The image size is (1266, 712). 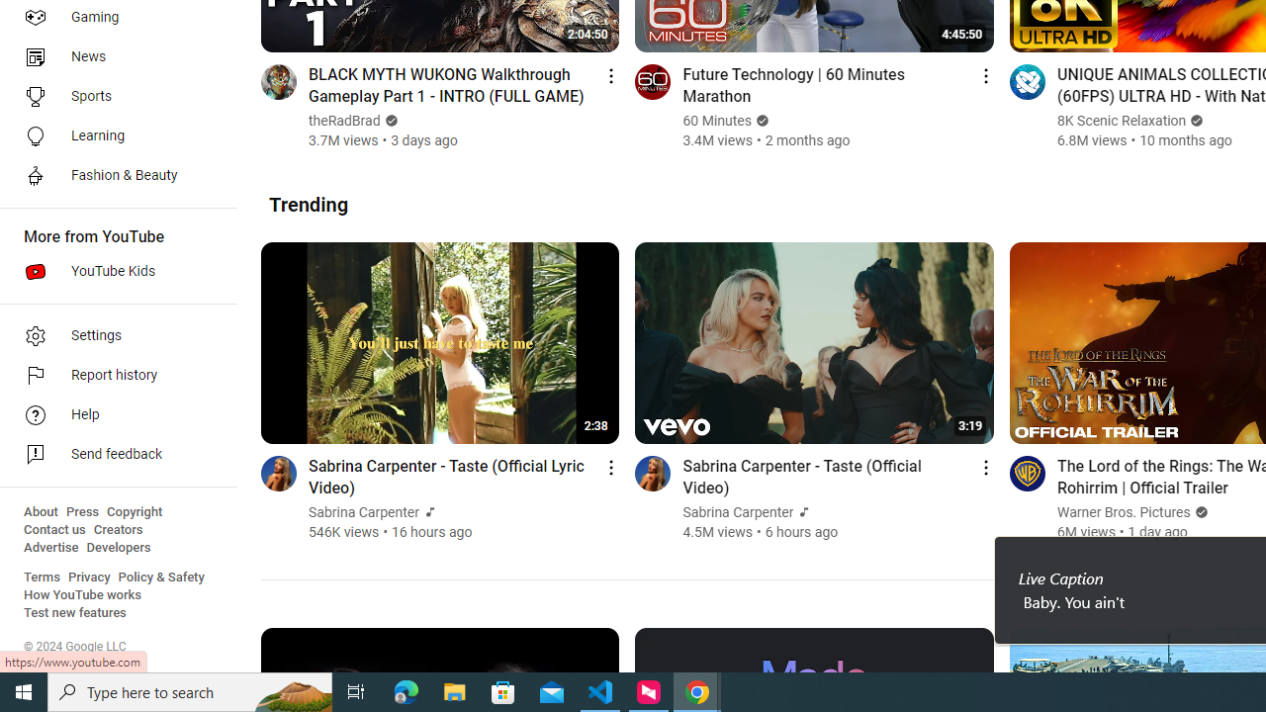 What do you see at coordinates (111, 134) in the screenshot?
I see `'Learning'` at bounding box center [111, 134].